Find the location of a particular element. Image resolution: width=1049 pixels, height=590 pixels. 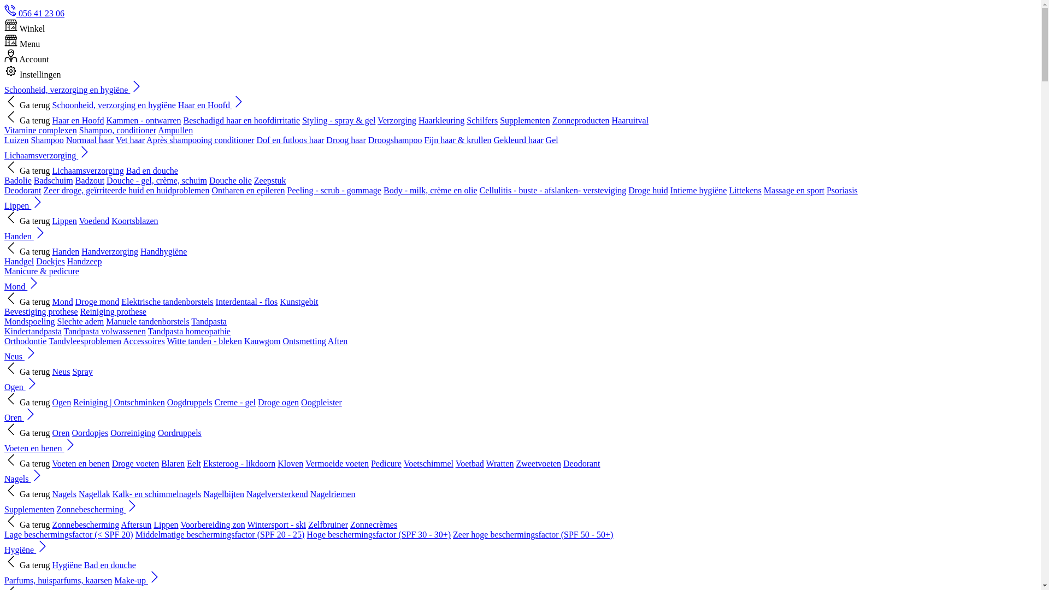

'Slechte adem' is located at coordinates (56, 321).